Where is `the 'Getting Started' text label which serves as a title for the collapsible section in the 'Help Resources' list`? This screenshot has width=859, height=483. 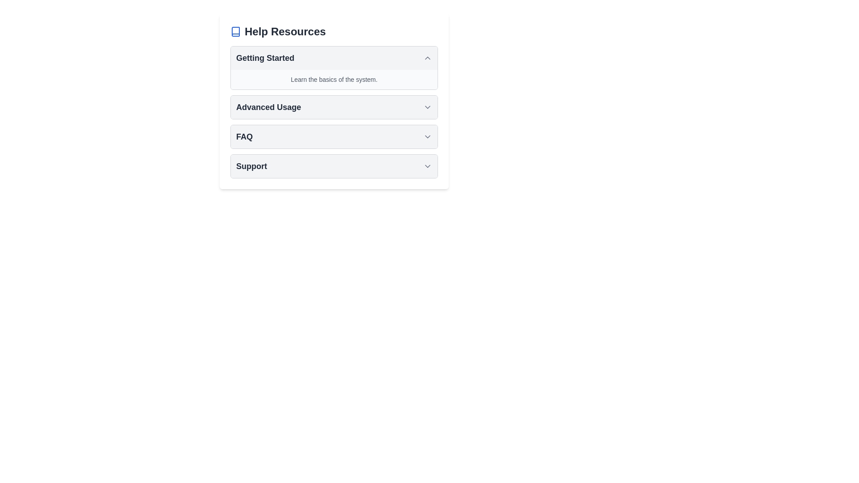 the 'Getting Started' text label which serves as a title for the collapsible section in the 'Help Resources' list is located at coordinates (265, 58).